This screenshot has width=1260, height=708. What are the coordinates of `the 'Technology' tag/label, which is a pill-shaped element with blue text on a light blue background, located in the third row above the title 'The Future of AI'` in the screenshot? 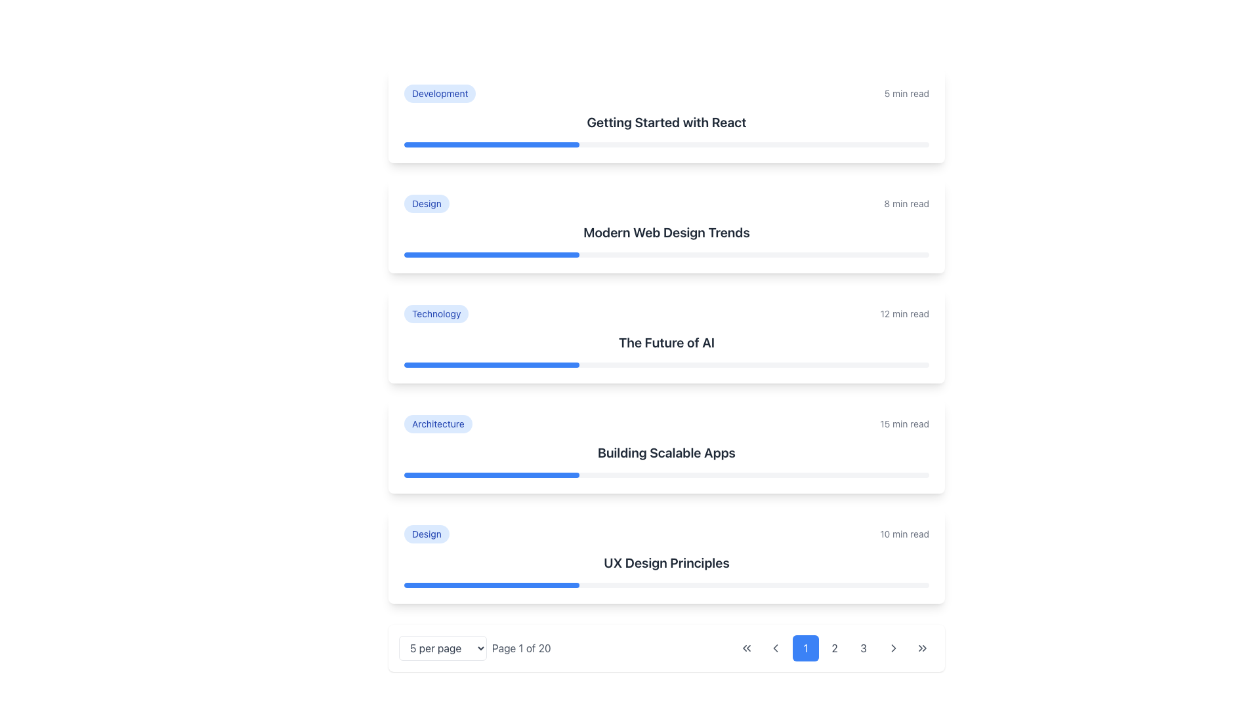 It's located at (436, 313).